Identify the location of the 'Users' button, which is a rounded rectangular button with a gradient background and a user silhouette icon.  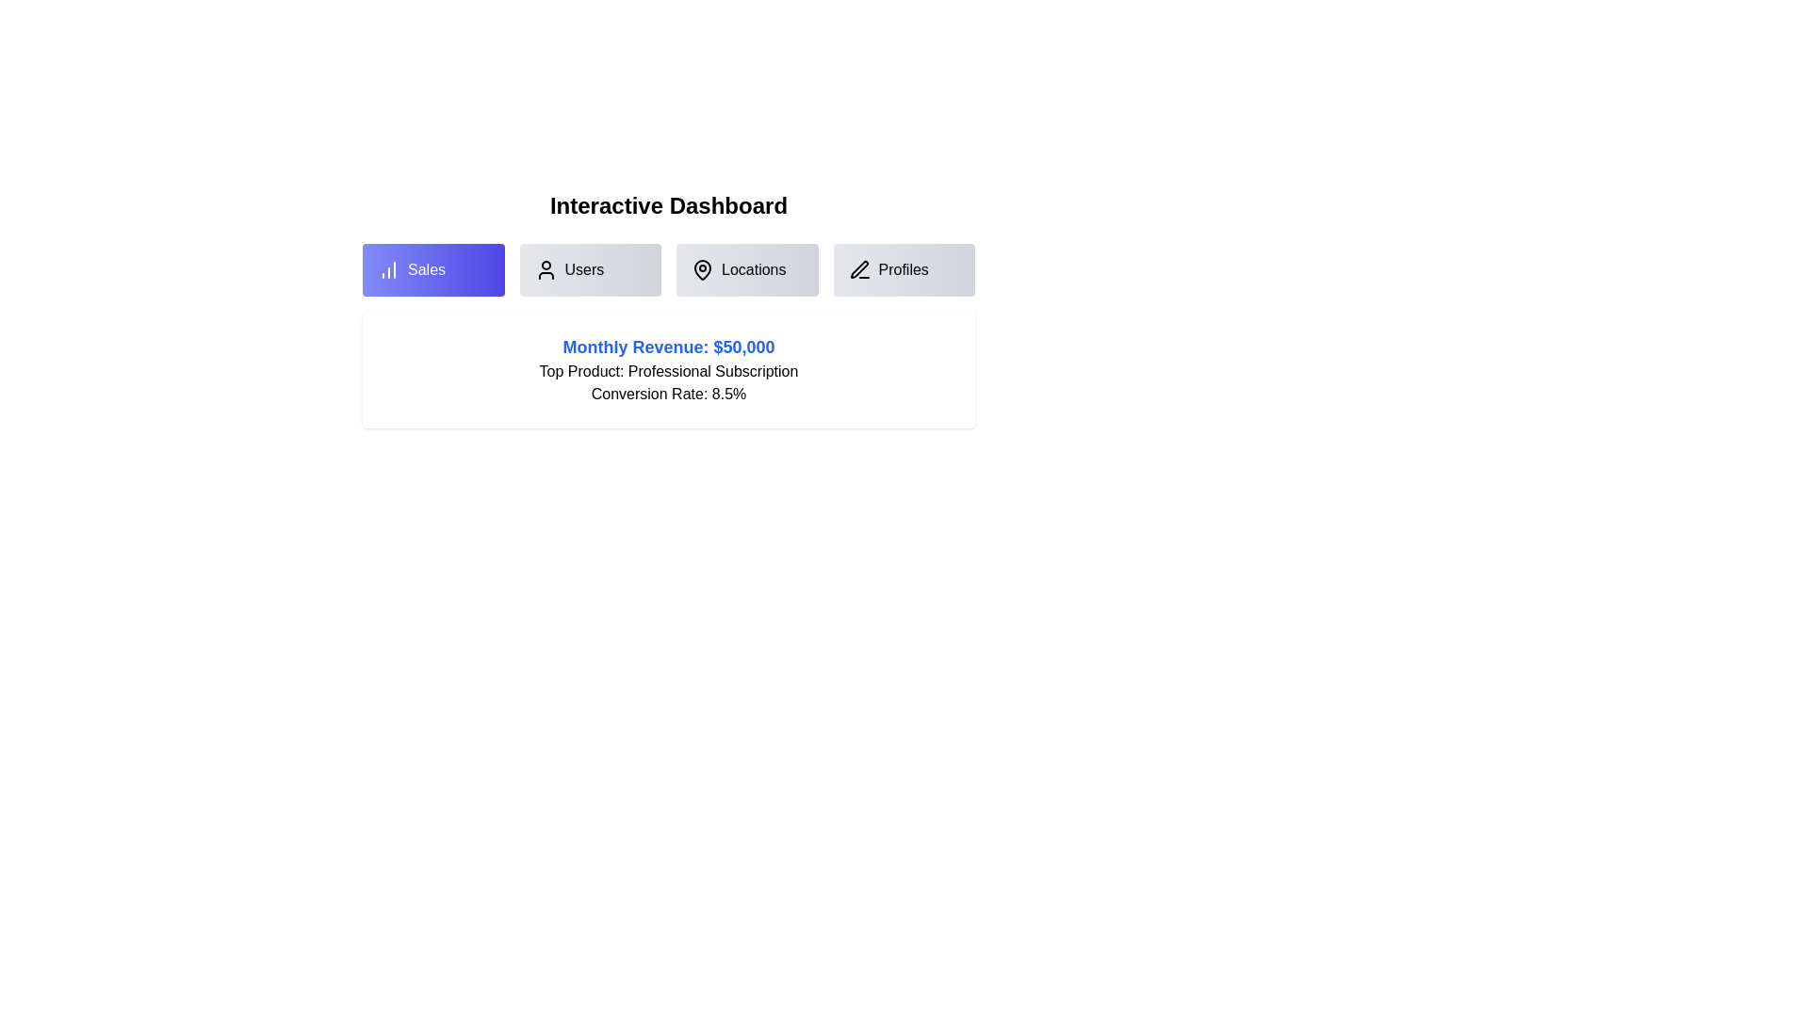
(589, 269).